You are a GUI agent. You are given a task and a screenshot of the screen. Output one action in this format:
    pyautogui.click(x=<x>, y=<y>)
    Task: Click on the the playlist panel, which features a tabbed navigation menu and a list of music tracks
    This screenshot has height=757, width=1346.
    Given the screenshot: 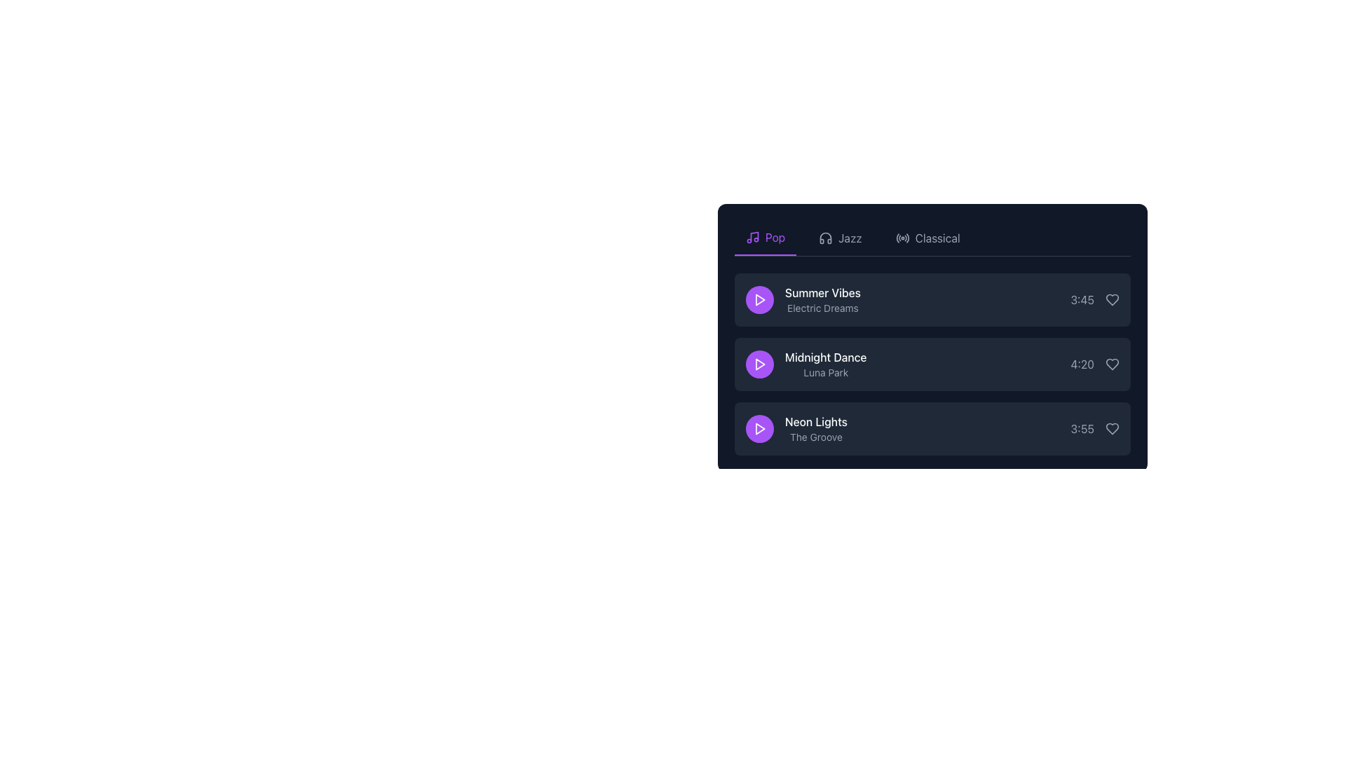 What is the action you would take?
    pyautogui.click(x=932, y=327)
    